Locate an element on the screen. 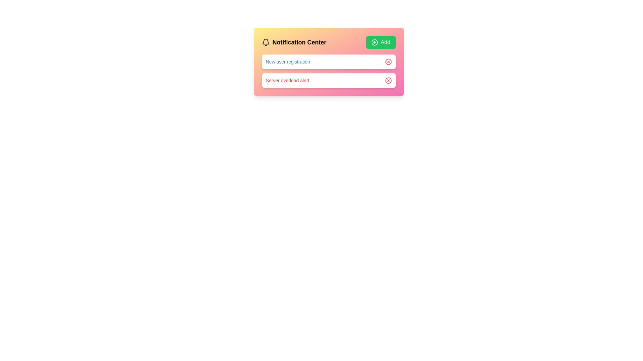 Image resolution: width=643 pixels, height=361 pixels. the addition icon located within the green 'Add' button on the right side of the 'Notification Center' header is located at coordinates (374, 42).